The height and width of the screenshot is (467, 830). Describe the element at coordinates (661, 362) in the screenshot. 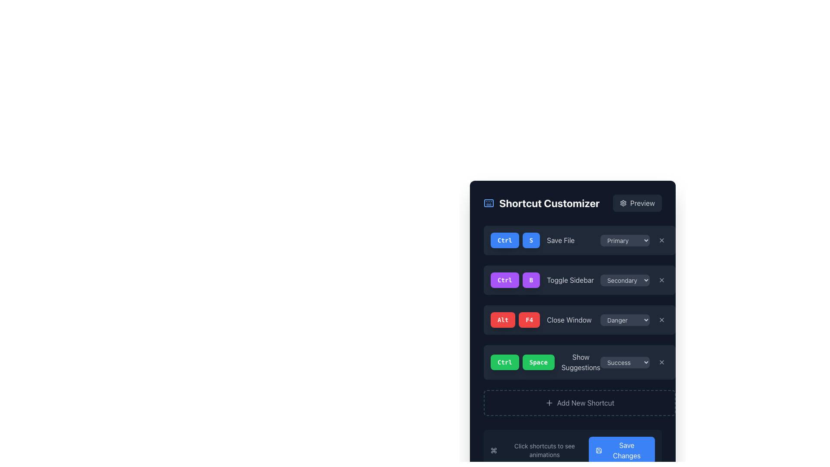

I see `the 'X' icon button located to the right of the 'Show Suggestions Success' row in the Shortcut Customizer panel, which indicates a close or delete action` at that location.